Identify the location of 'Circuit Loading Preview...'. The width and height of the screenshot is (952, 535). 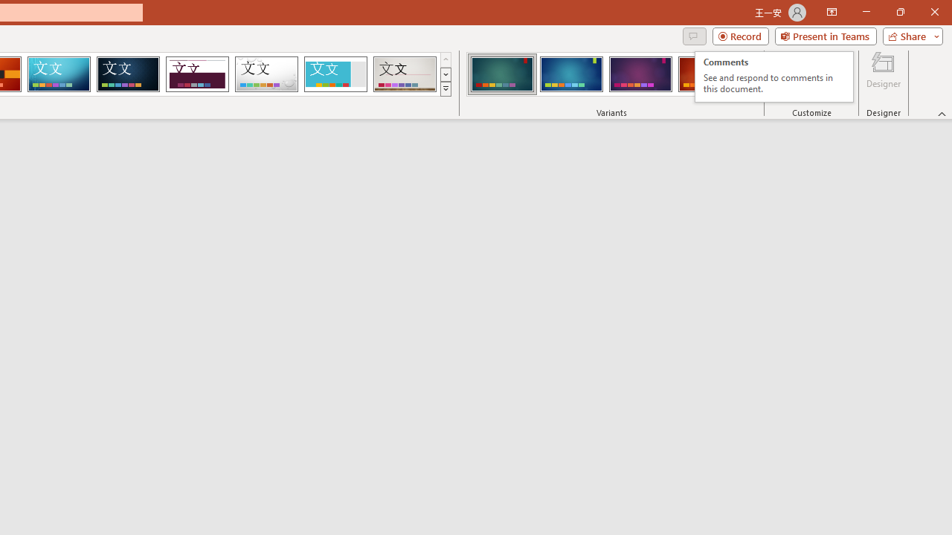
(59, 74).